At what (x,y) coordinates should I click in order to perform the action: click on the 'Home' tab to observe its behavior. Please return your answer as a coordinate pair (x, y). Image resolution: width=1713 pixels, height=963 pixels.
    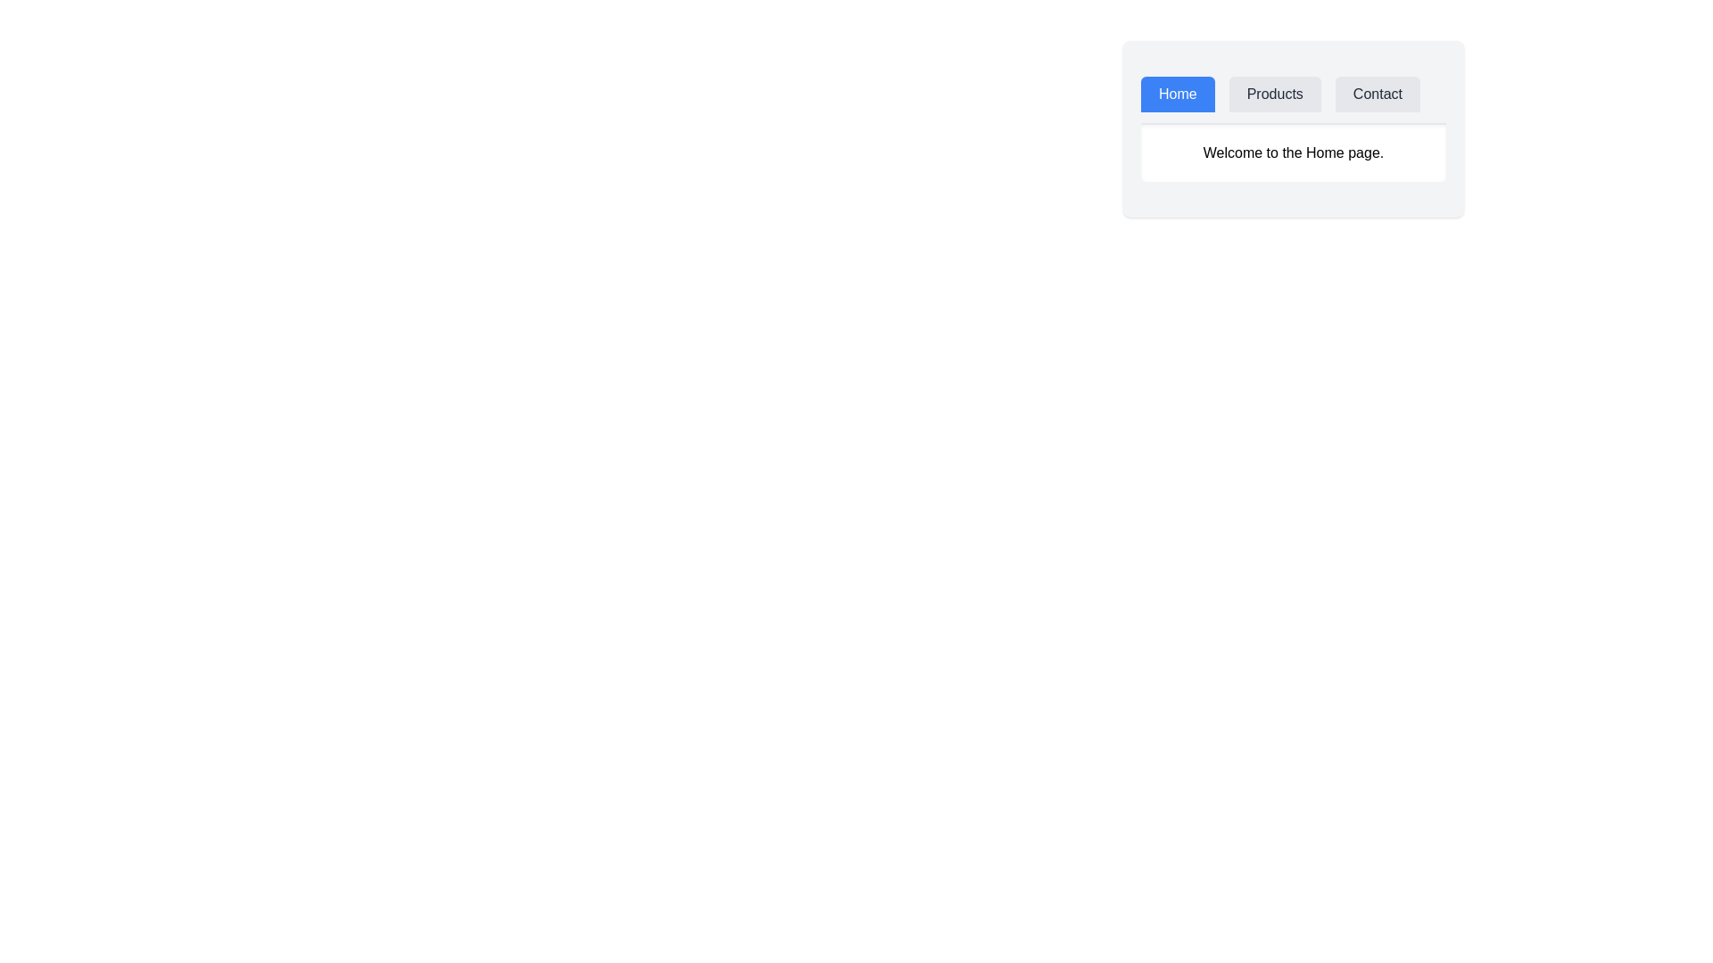
    Looking at the image, I should click on (1178, 94).